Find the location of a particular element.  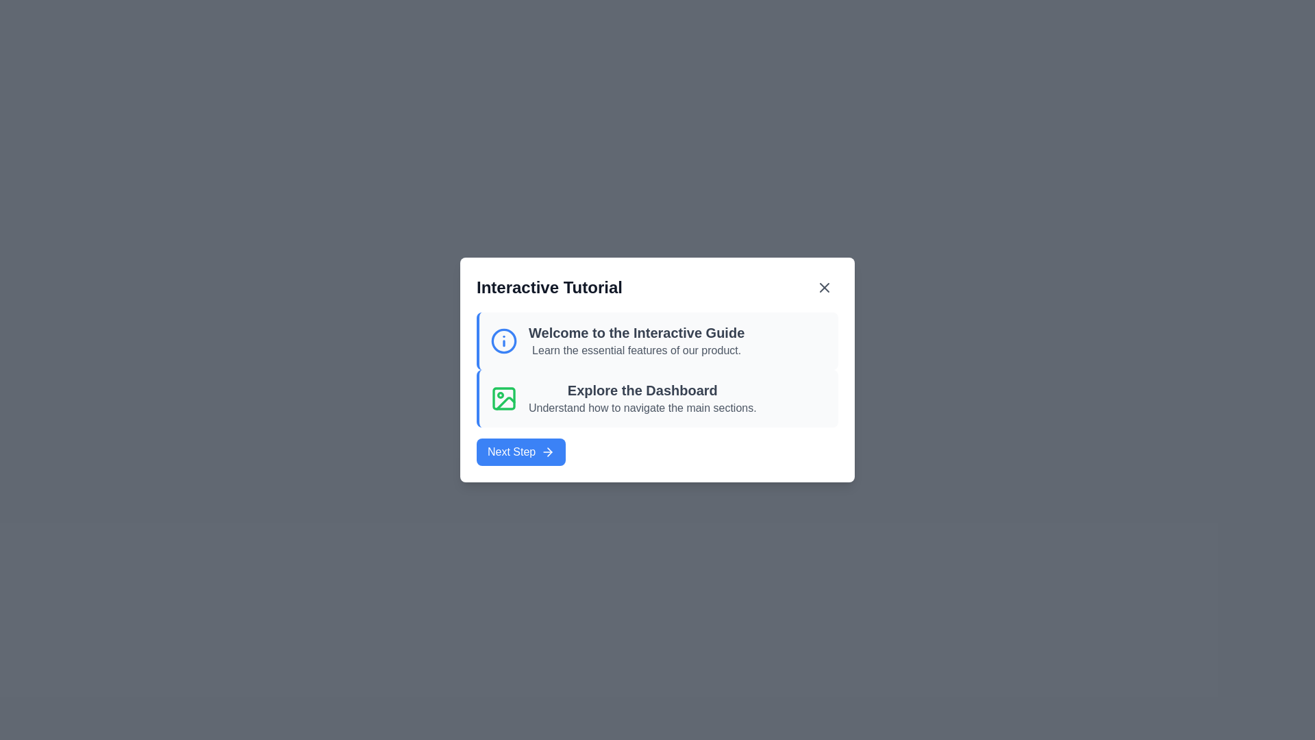

the rounded rectangle graphical element with a green border and white interior, located central to the left side icon of the 'Explore the Dashboard' tutorial item in the tutorial guide panel is located at coordinates (503, 399).